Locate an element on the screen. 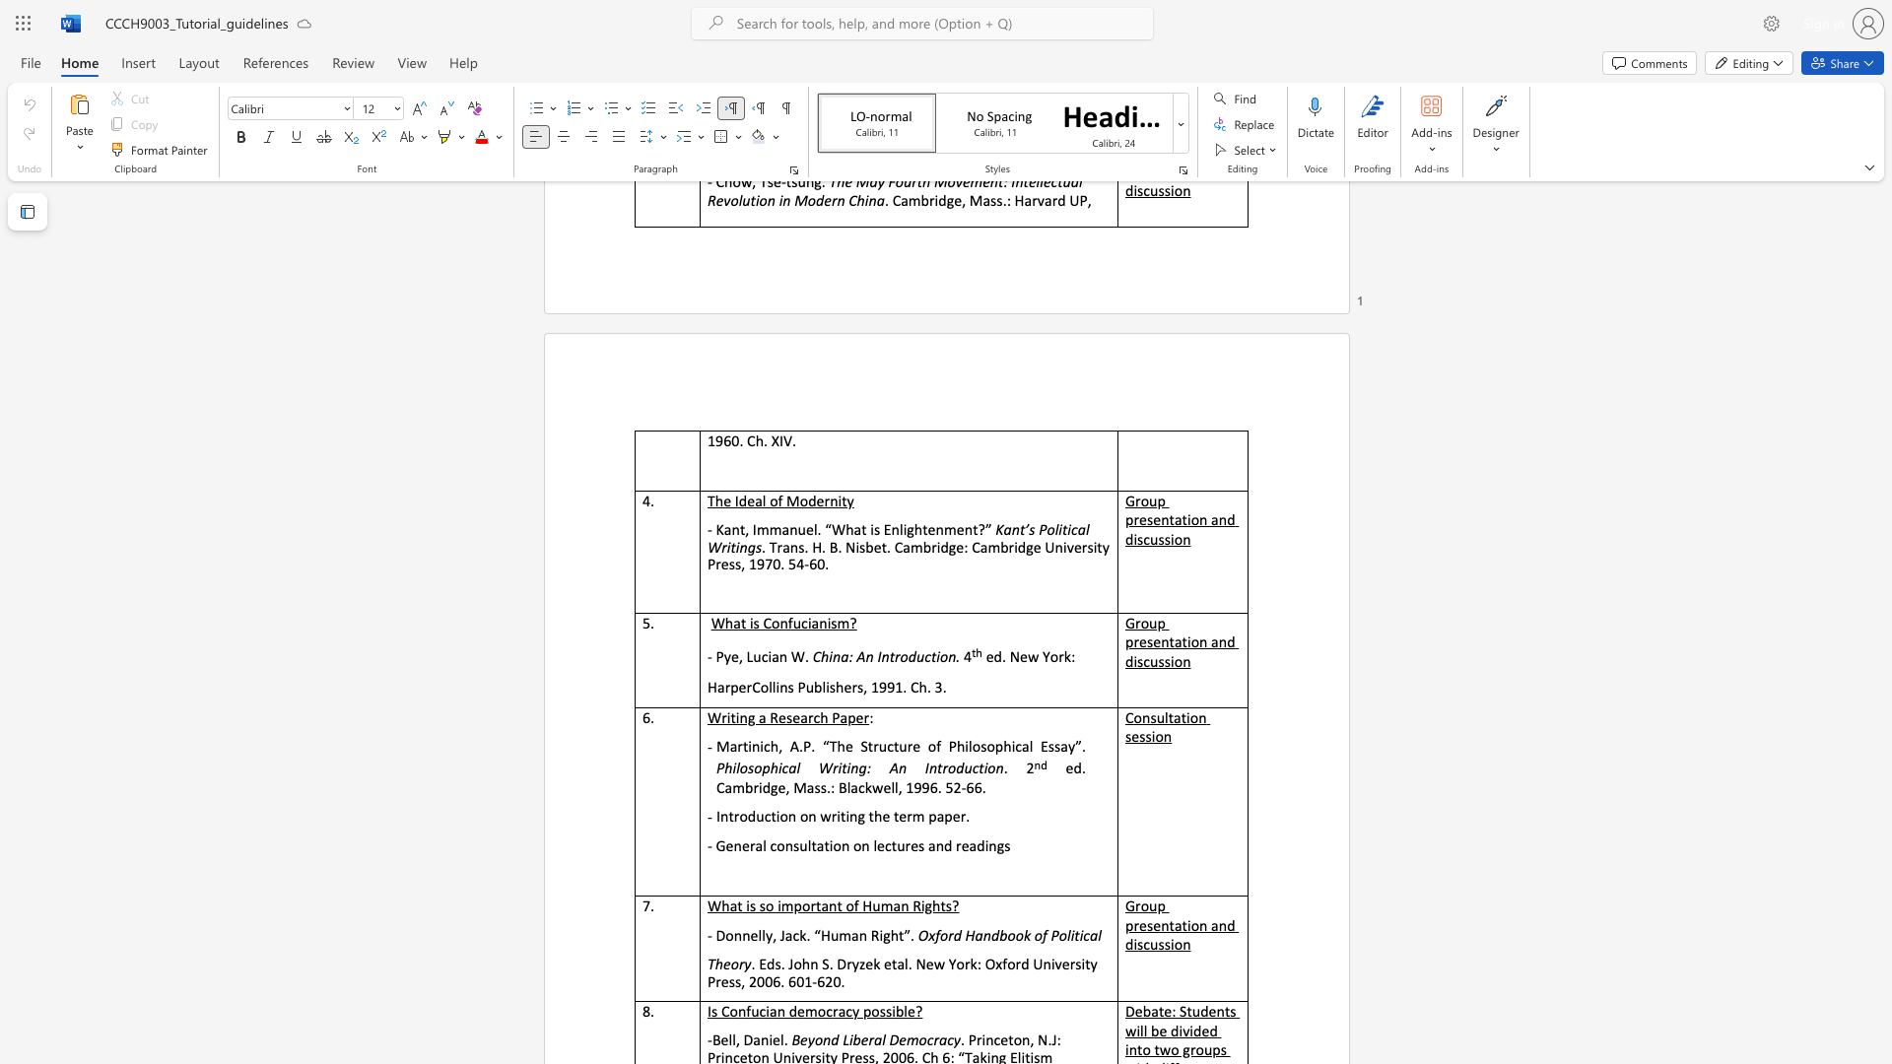  the subset text "presentation and discus" within the text "Group presentation and discussion" is located at coordinates (1125, 641).